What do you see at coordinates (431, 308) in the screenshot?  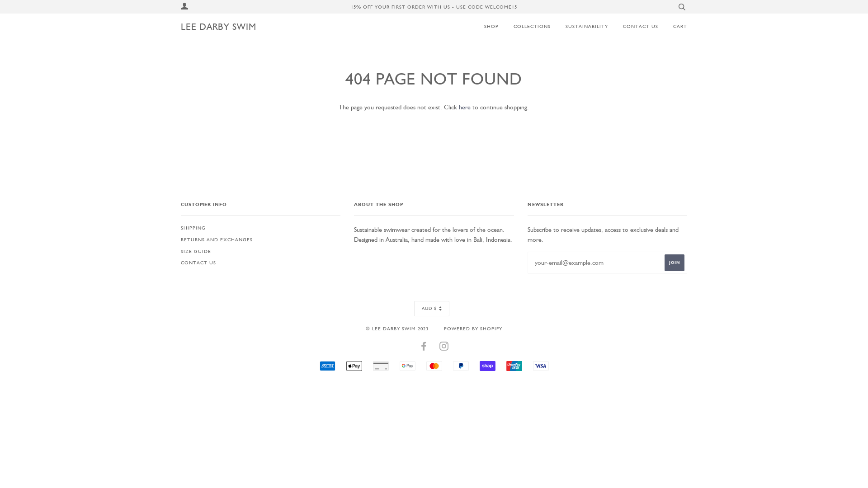 I see `'AUD $'` at bounding box center [431, 308].